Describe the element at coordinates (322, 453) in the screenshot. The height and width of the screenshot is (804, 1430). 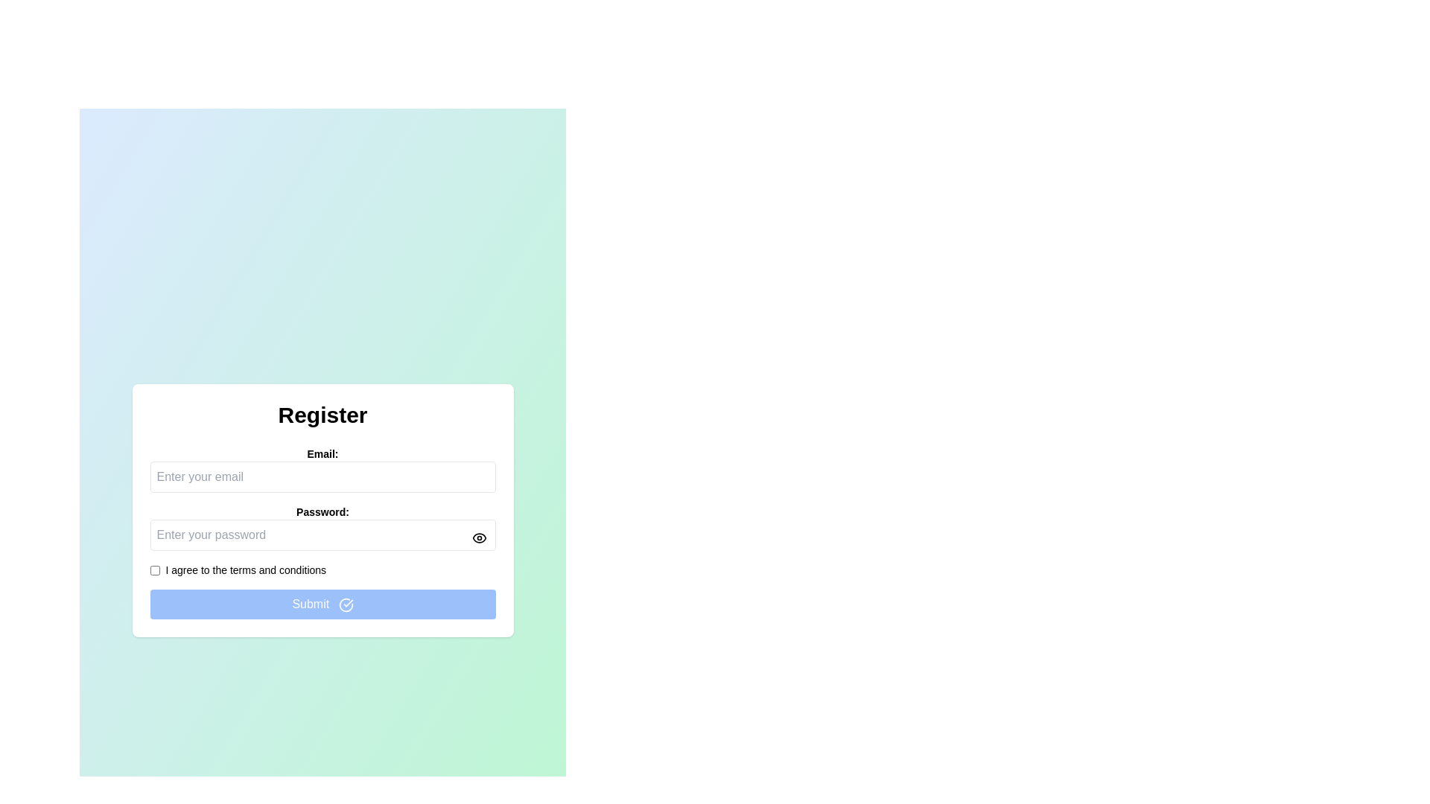
I see `the 'Email' label element located beneath the 'Register' heading and above the email input field` at that location.